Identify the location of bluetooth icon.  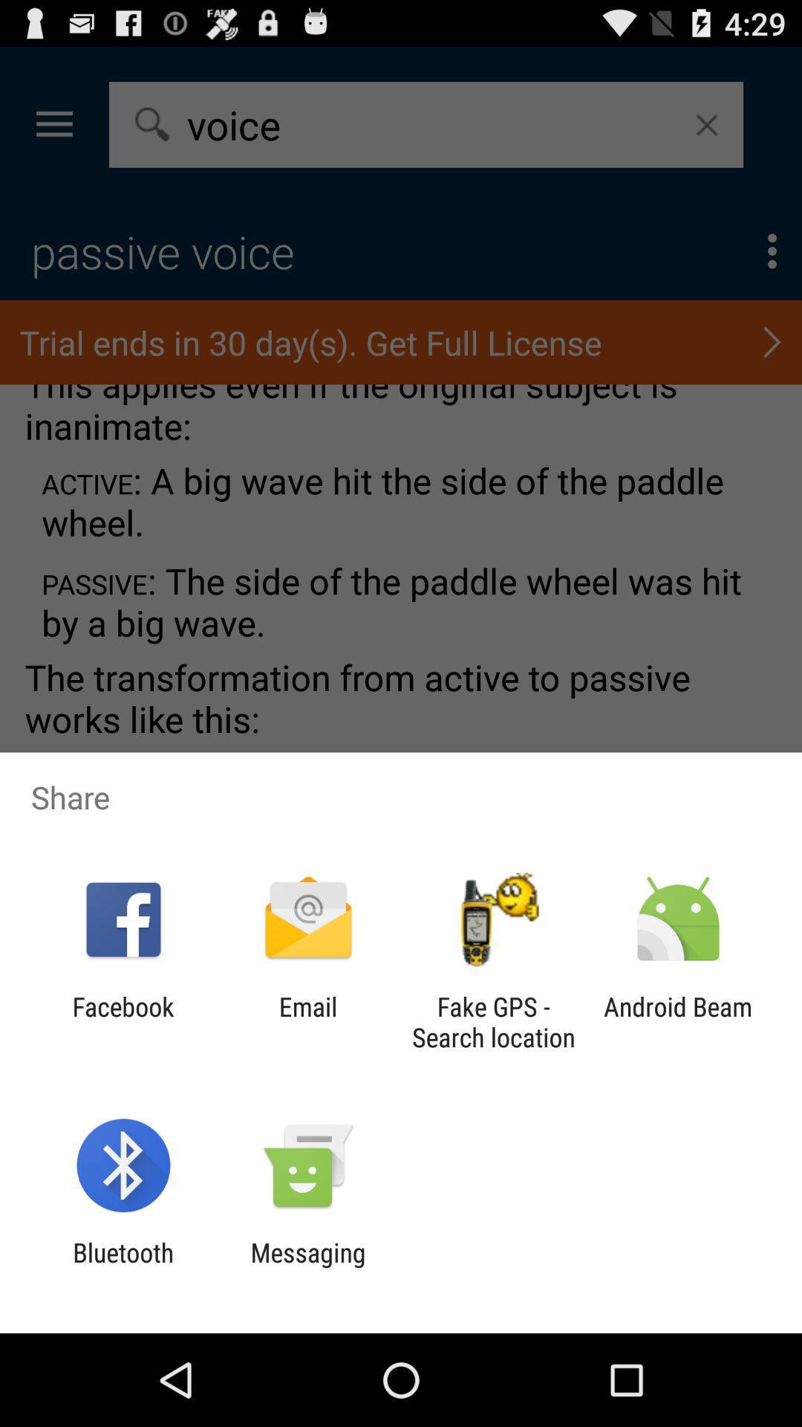
(123, 1267).